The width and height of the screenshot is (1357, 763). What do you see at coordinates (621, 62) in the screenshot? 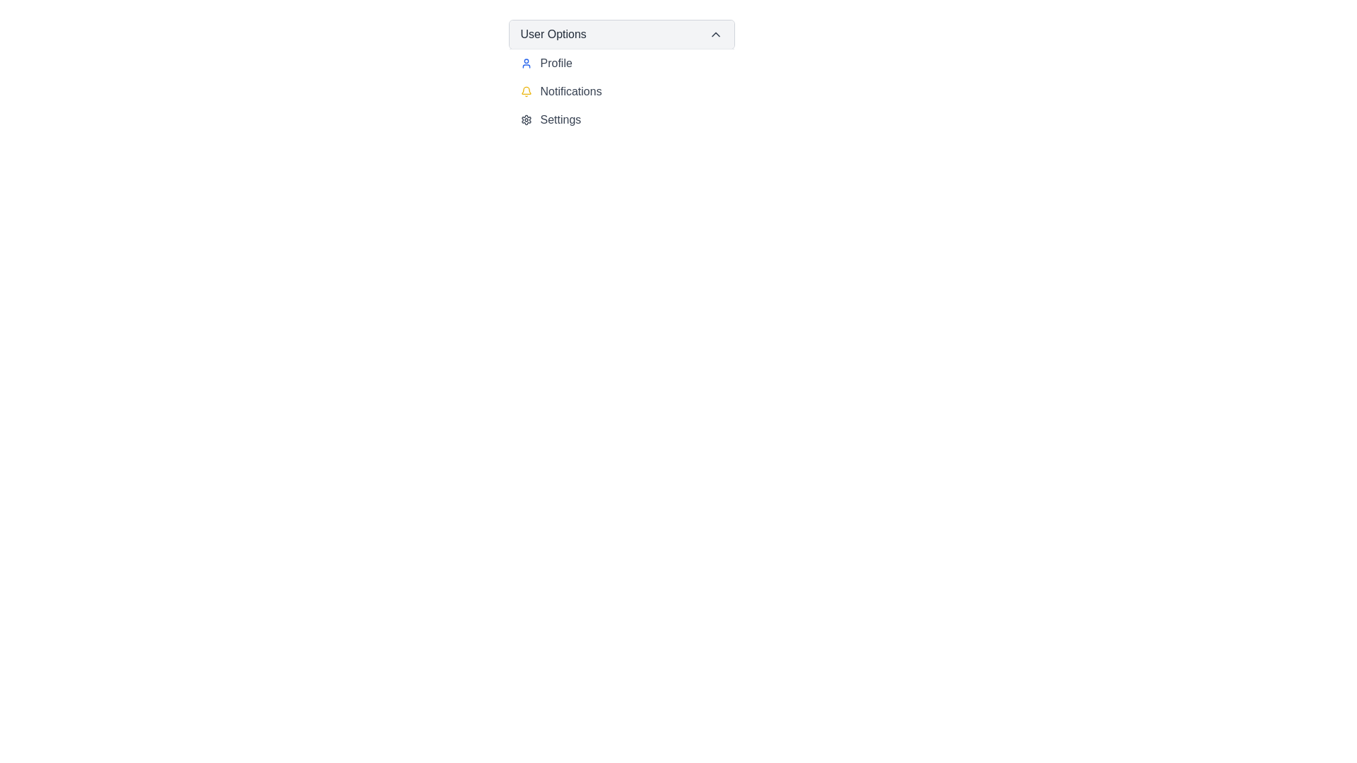
I see `the 'Profile' menu item in the dropdown menu labeled 'User Options'` at bounding box center [621, 62].